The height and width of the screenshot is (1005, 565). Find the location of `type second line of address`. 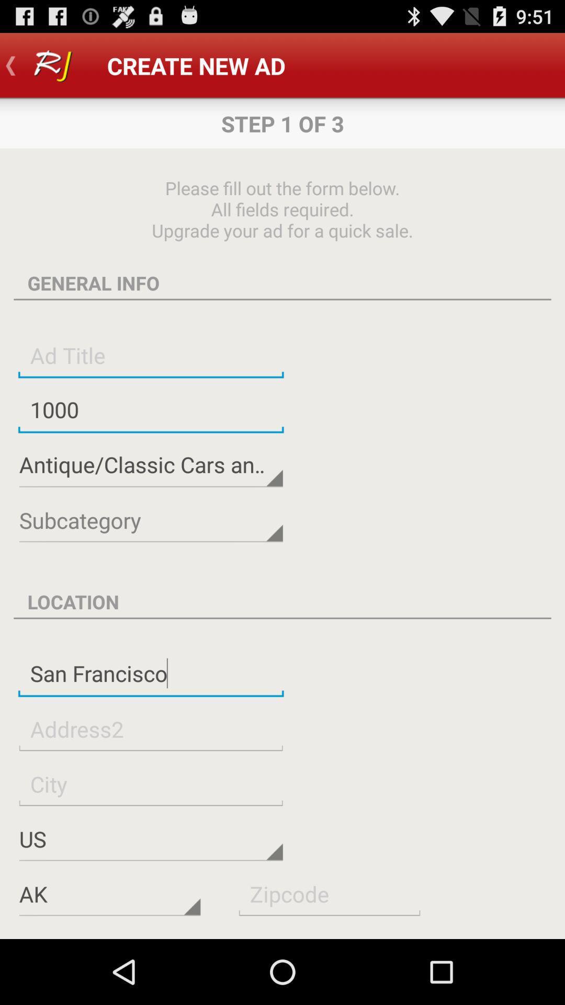

type second line of address is located at coordinates (151, 728).